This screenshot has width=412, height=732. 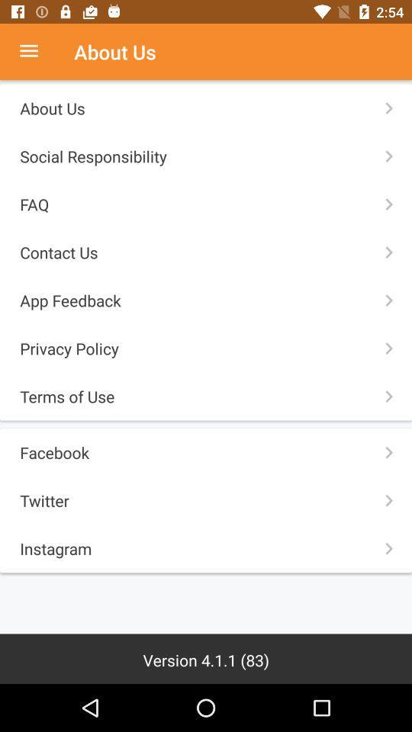 I want to click on open drop down menu, so click(x=37, y=52).